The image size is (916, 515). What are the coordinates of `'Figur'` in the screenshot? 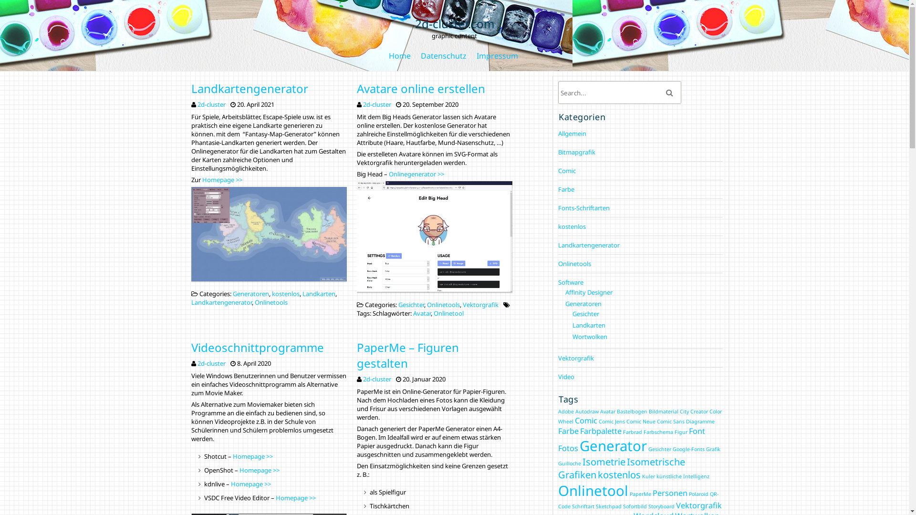 It's located at (680, 432).